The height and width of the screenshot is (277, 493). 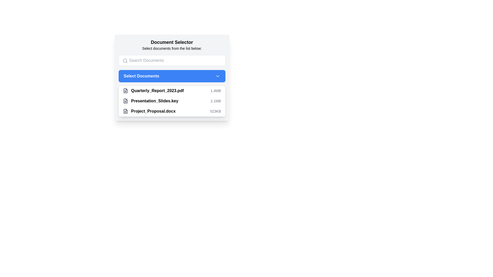 I want to click on the text label 'Project_Proposal.docx', so click(x=153, y=111).